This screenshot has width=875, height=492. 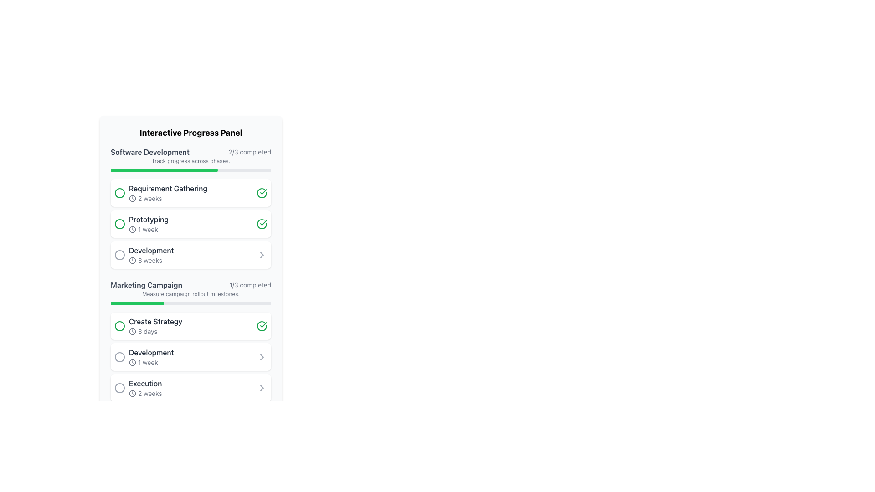 I want to click on the progress status text label located in the top-right corner of the 'Software Development' section, aligned horizontally with its title, so click(x=250, y=152).